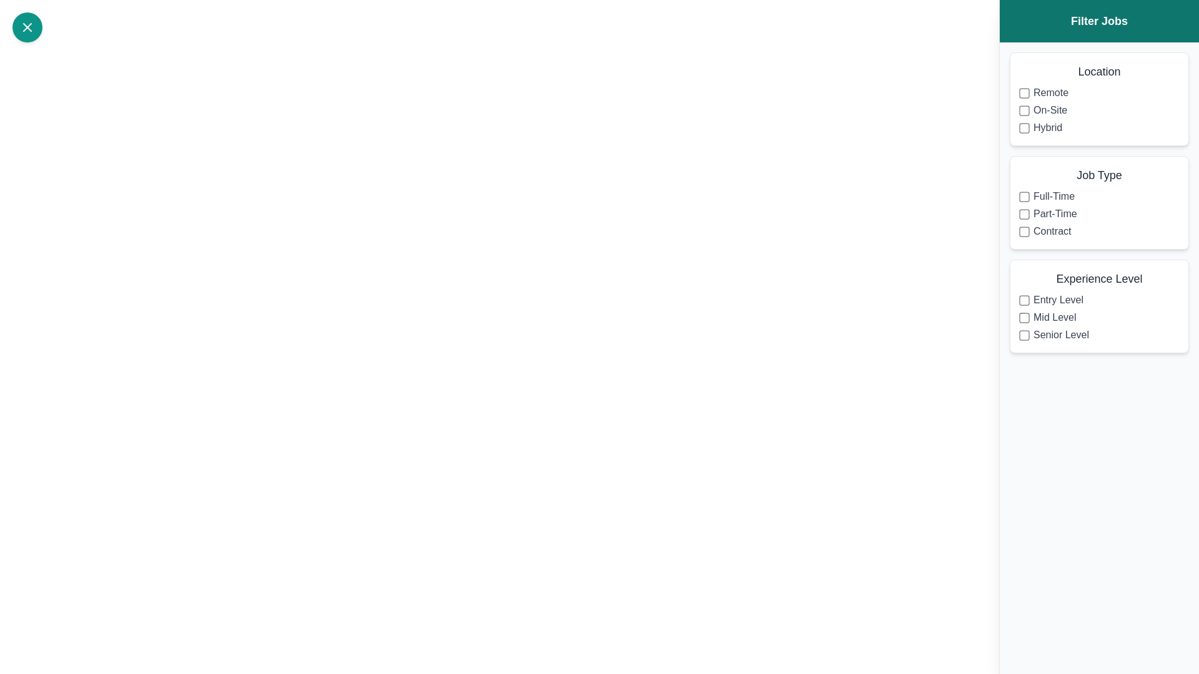 Image resolution: width=1199 pixels, height=674 pixels. What do you see at coordinates (1099, 72) in the screenshot?
I see `the header of the filter group labeled Location` at bounding box center [1099, 72].